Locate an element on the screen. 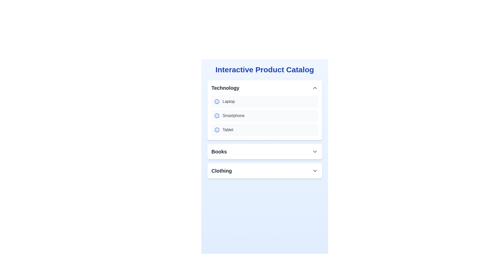  the toggle icon button located on the far-right side of the 'Technology' section header is located at coordinates (315, 87).